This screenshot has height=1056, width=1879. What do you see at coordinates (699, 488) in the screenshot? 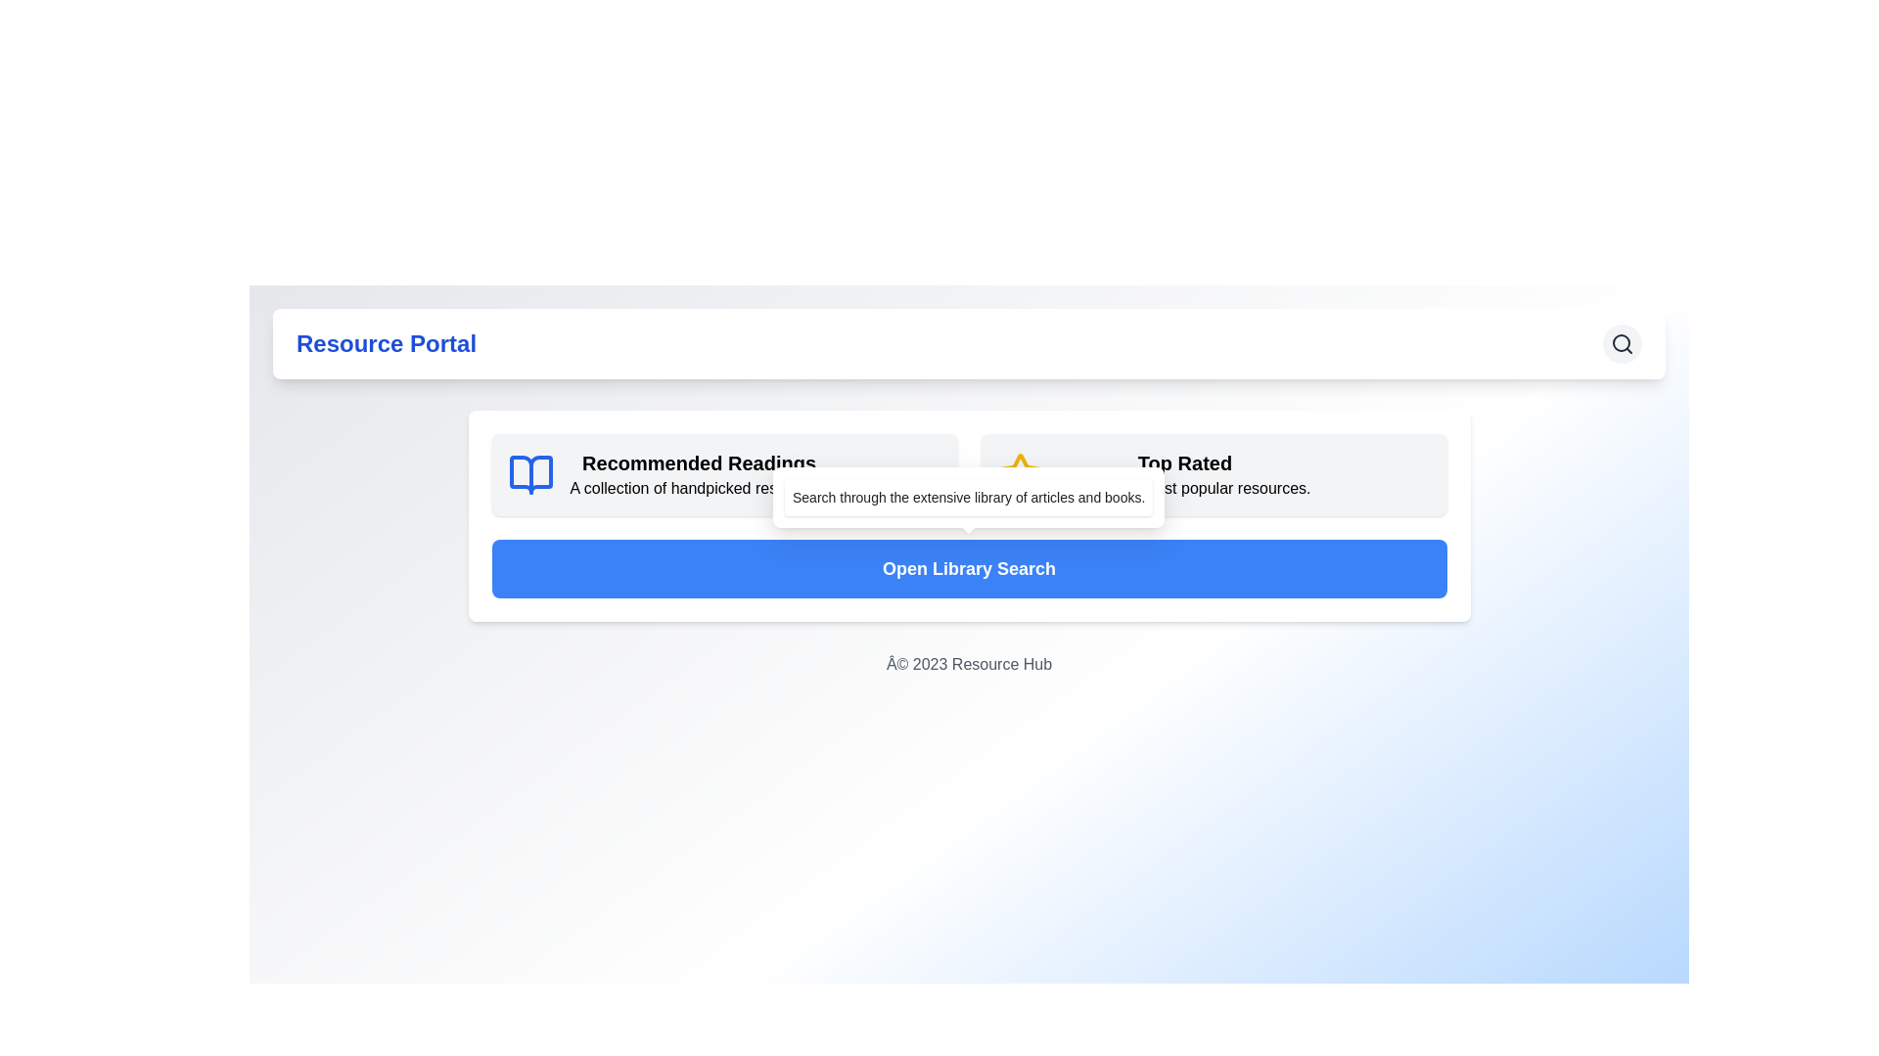
I see `the descriptive label that reads 'A collection of handpicked resources.' which is centrally aligned under the bold heading 'Recommended Readings'` at bounding box center [699, 488].